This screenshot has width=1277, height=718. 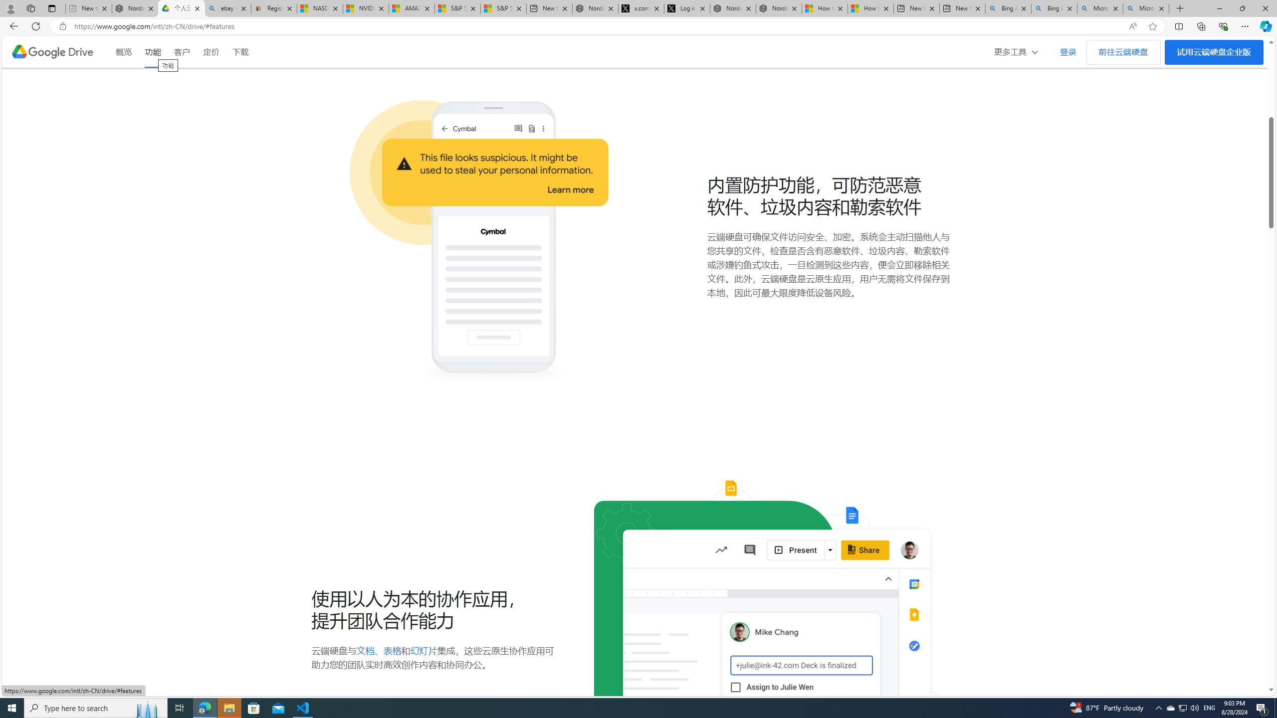 I want to click on 'Log in to X / X', so click(x=687, y=8).